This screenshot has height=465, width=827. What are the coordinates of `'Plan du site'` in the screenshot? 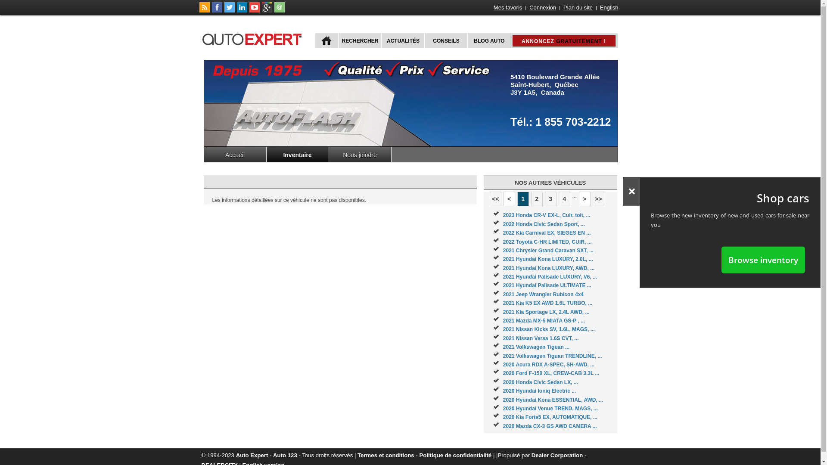 It's located at (578, 7).